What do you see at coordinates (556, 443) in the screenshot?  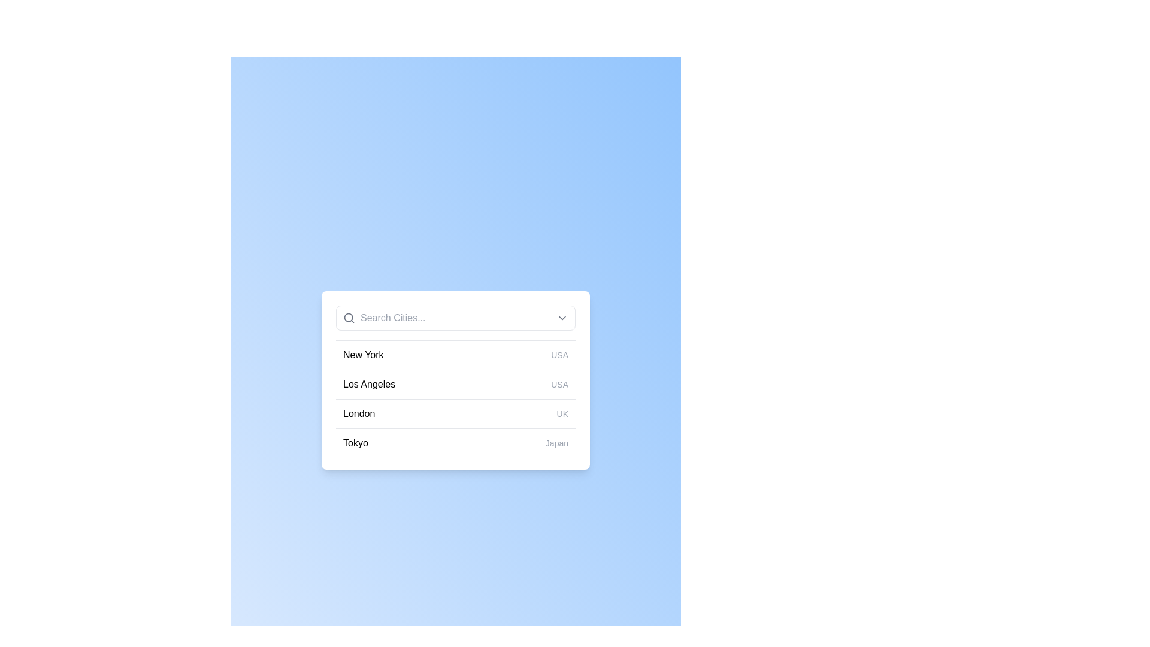 I see `the text label displaying 'Japan', which is located at the end of the row containing 'Tokyo'` at bounding box center [556, 443].